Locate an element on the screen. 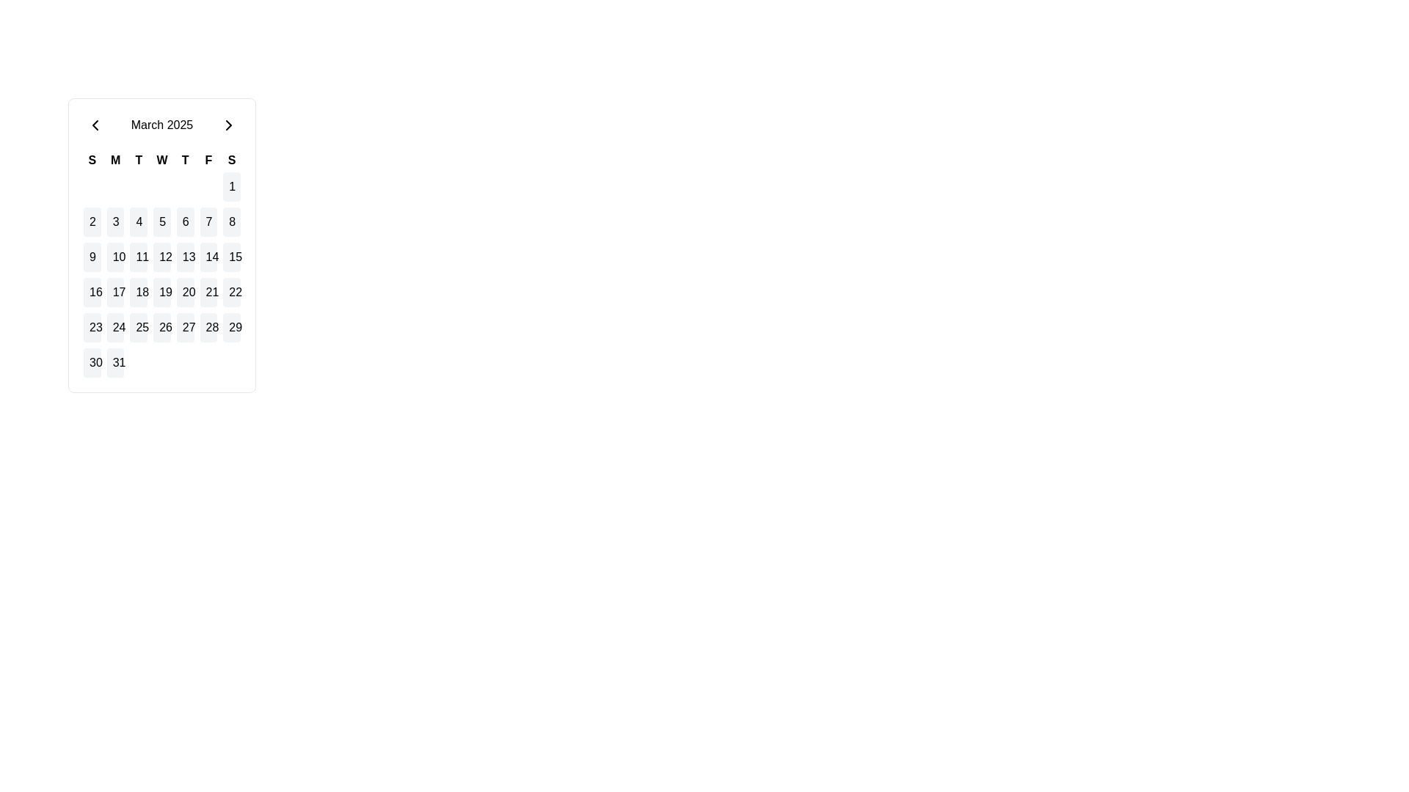 The image size is (1409, 792). the square button labeled '31' with a gray background located in the last row, second column of the calendar grid is located at coordinates (114, 362).